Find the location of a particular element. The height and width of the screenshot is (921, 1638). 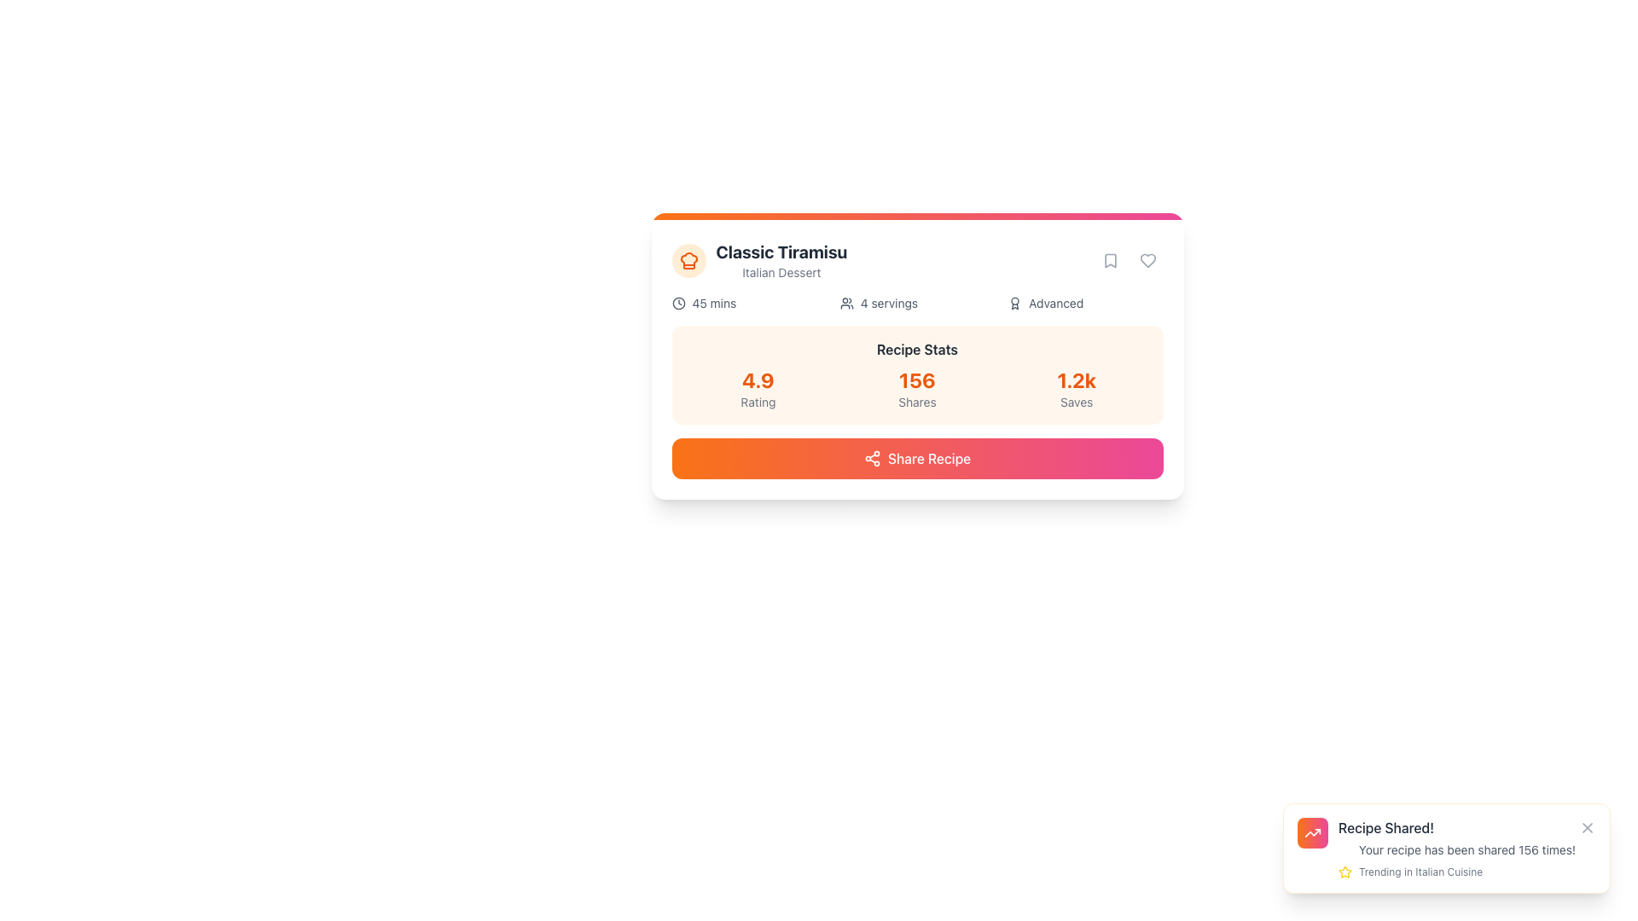

the label displaying 'Classic Tiramisu' and 'Italian Dessert' with an orange chef's hat icon on the left side is located at coordinates (758, 260).